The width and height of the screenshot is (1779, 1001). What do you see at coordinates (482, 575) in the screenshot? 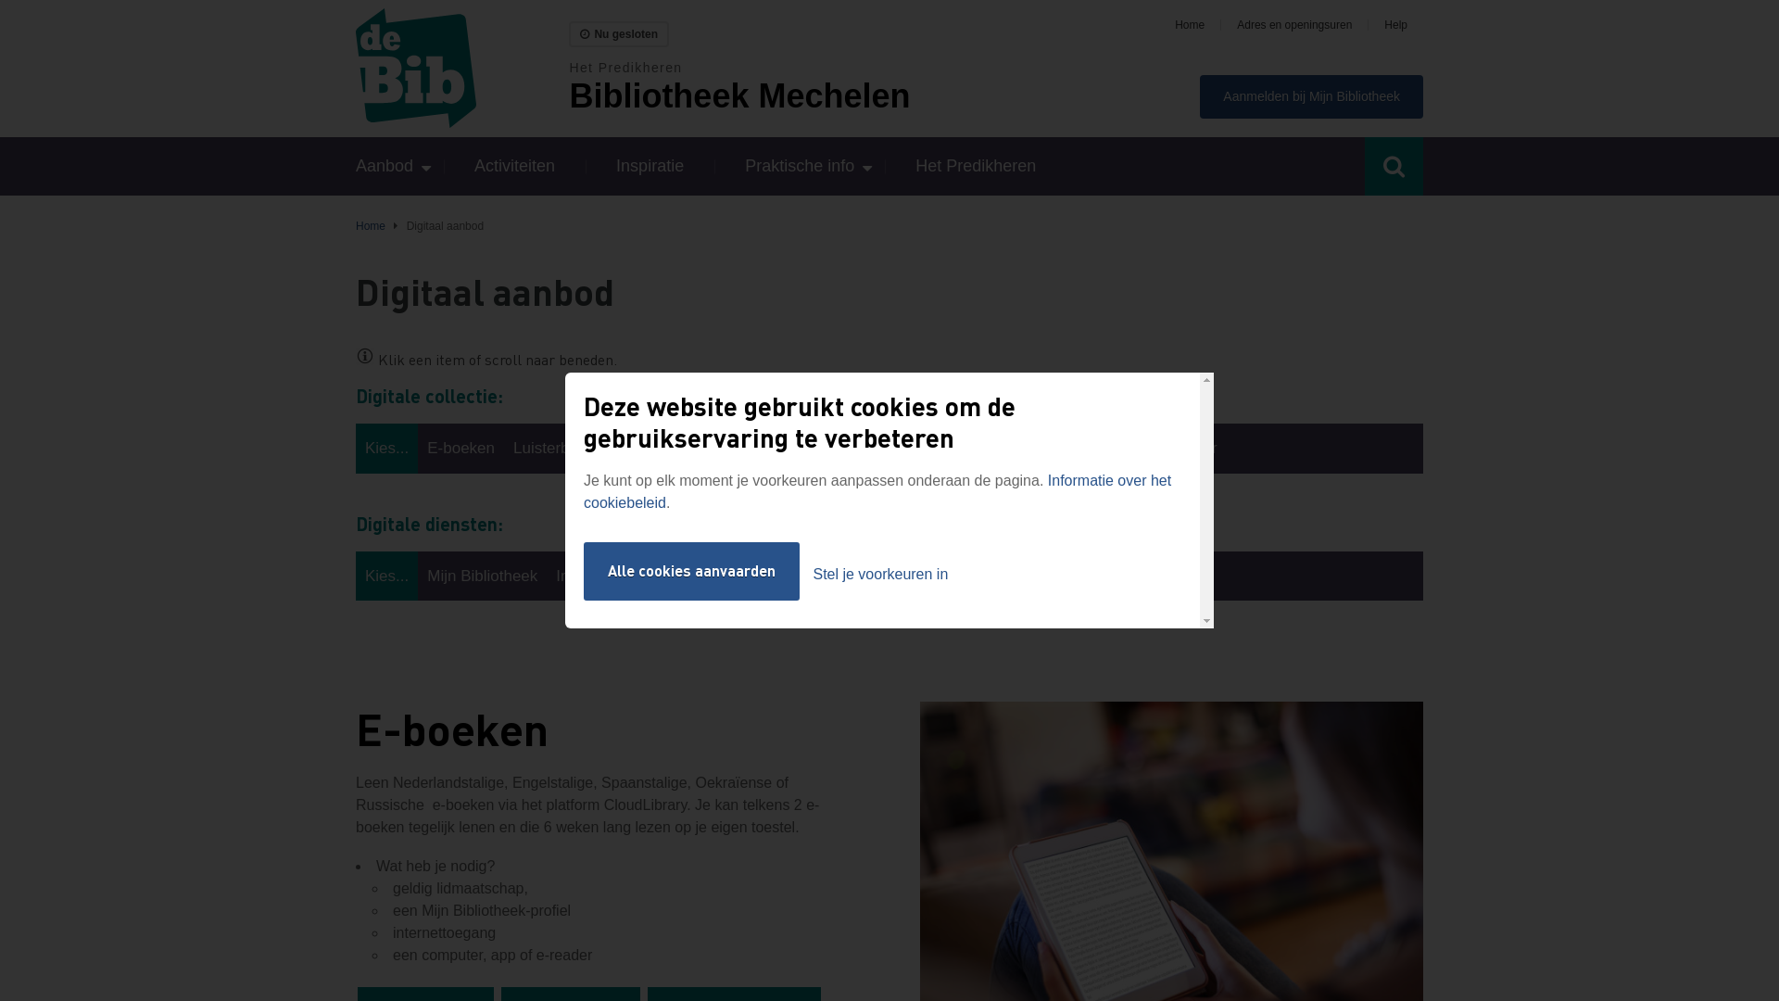
I see `'Mijn Bibliotheek'` at bounding box center [482, 575].